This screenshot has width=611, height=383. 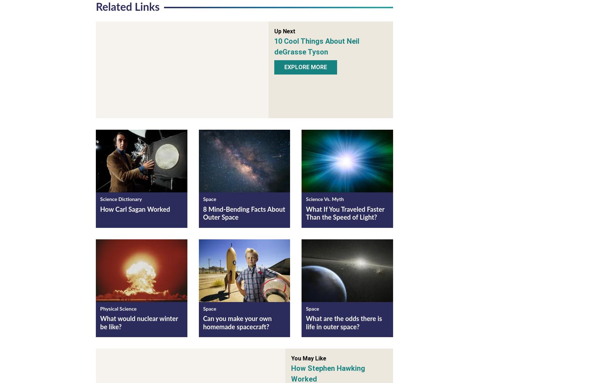 What do you see at coordinates (344, 324) in the screenshot?
I see `'What are the odds there is life in outer space?'` at bounding box center [344, 324].